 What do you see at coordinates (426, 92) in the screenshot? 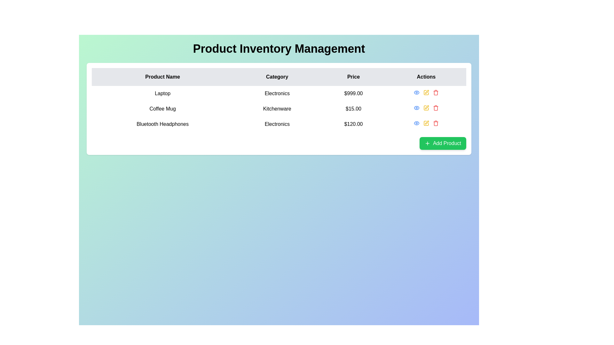
I see `the edit icon` at bounding box center [426, 92].